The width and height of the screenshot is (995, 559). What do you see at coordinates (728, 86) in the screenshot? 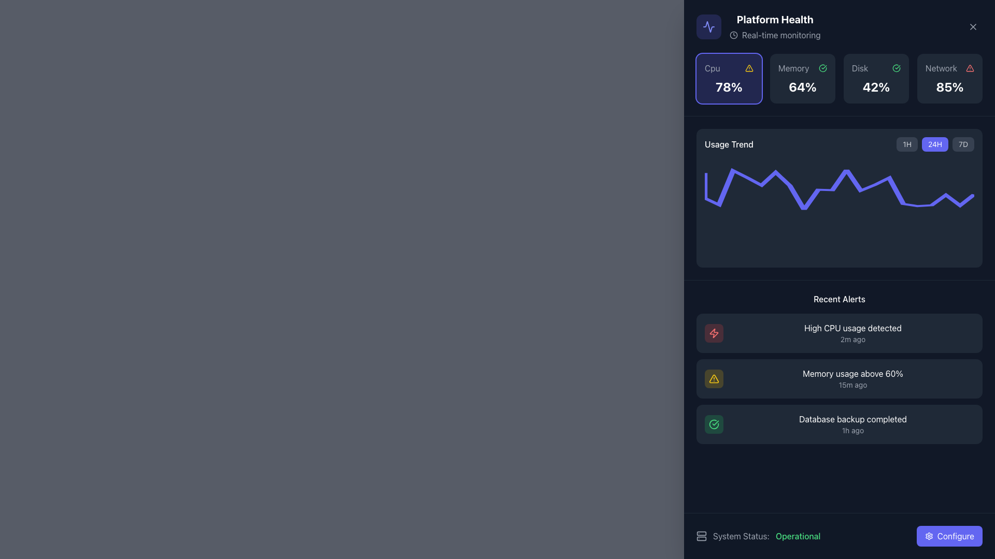
I see `the numeric text element displaying '78%' in bold, large white font against a dark blue background to check for additional functionality or information` at bounding box center [728, 86].